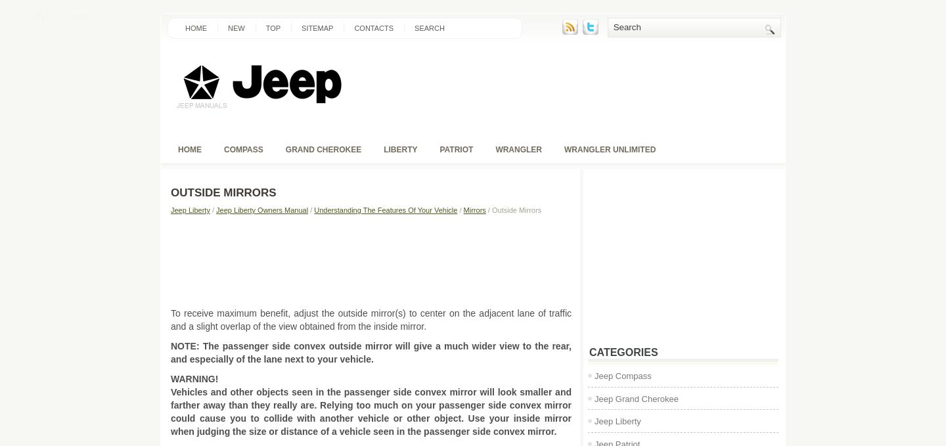  Describe the element at coordinates (194, 378) in the screenshot. I see `'WARNING!'` at that location.